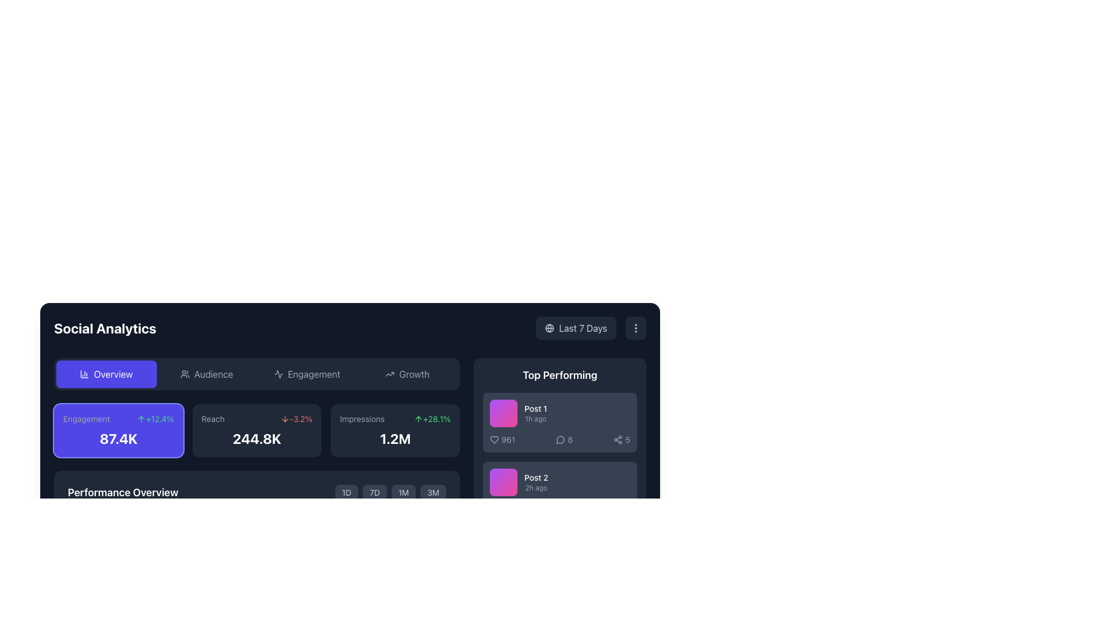 This screenshot has height=621, width=1104. I want to click on the 'Audience' button in the navigation component to potentially trigger a tooltip or visual effect, so click(206, 374).